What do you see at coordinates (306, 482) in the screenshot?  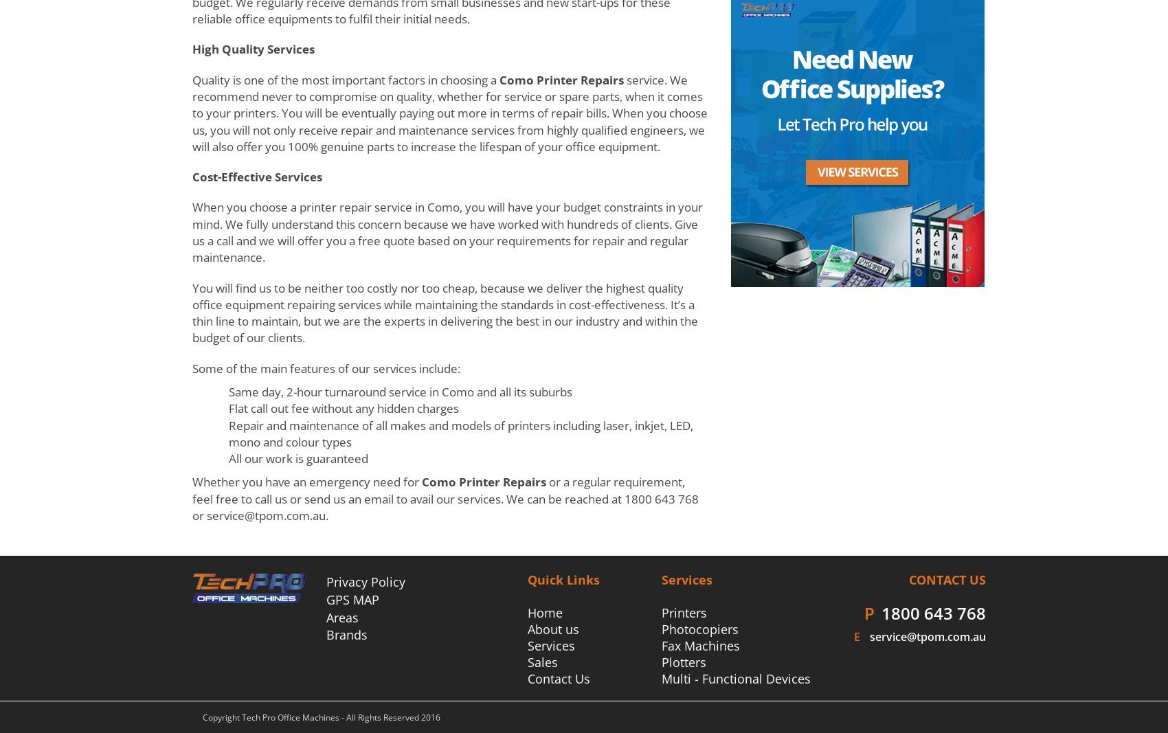 I see `'Whether you have an emergency need for'` at bounding box center [306, 482].